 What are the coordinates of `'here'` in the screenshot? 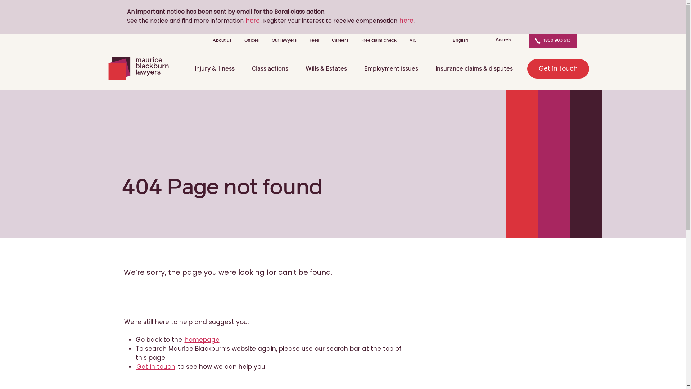 It's located at (406, 20).